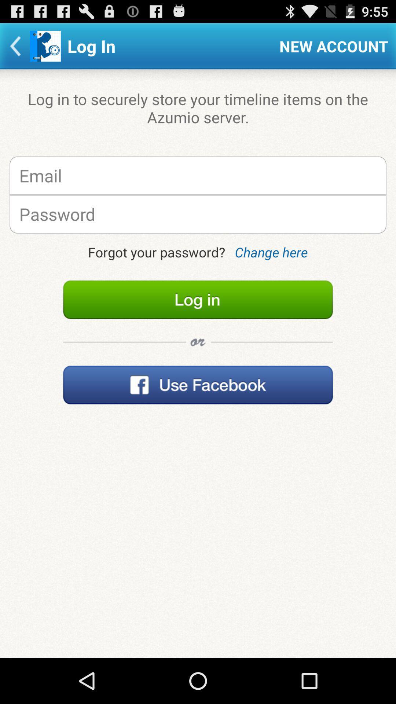 This screenshot has width=396, height=704. Describe the element at coordinates (271, 252) in the screenshot. I see `change here` at that location.